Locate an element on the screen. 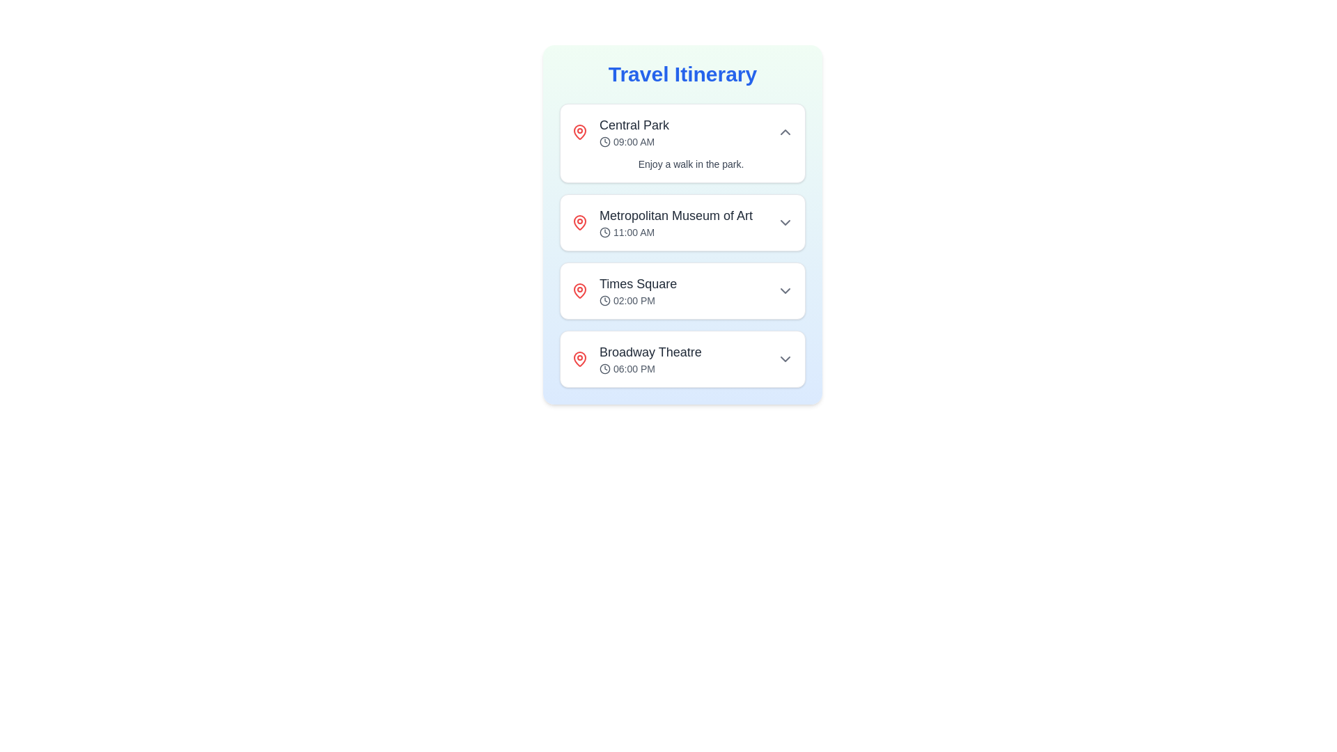 The height and width of the screenshot is (752, 1337). time displayed in the Text and Icon Label located in the bottom card of the list of time and location details under the 'Broadway Theatre' section, to the right of the clock icon is located at coordinates (650, 368).